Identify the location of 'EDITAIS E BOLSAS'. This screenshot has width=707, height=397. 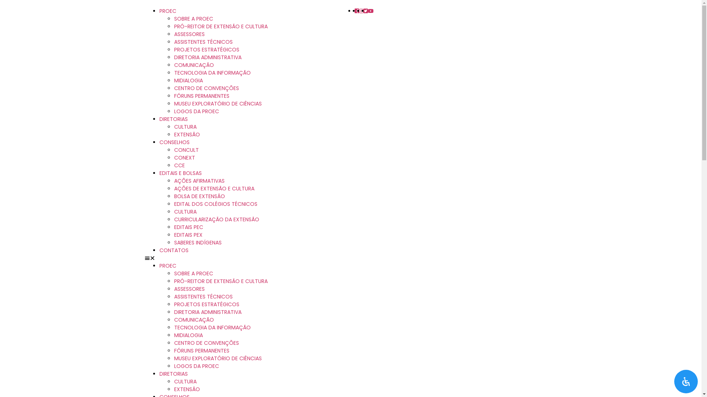
(180, 173).